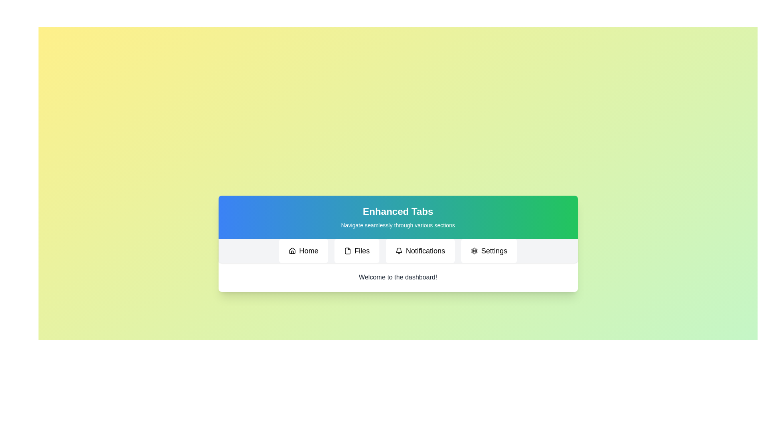 The image size is (770, 433). I want to click on the gear-like icon representing the settings feature located at the far right of the navigation menu, so click(474, 250).